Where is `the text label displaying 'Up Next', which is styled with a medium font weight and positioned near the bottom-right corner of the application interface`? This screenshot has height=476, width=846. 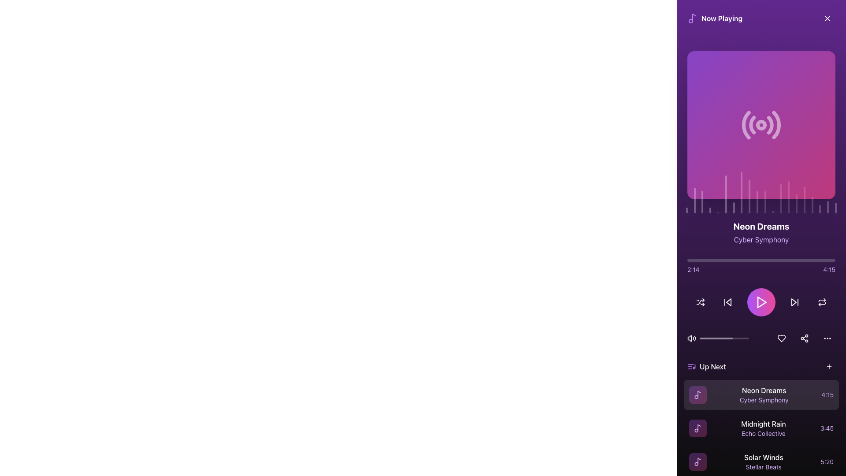
the text label displaying 'Up Next', which is styled with a medium font weight and positioned near the bottom-right corner of the application interface is located at coordinates (712, 367).